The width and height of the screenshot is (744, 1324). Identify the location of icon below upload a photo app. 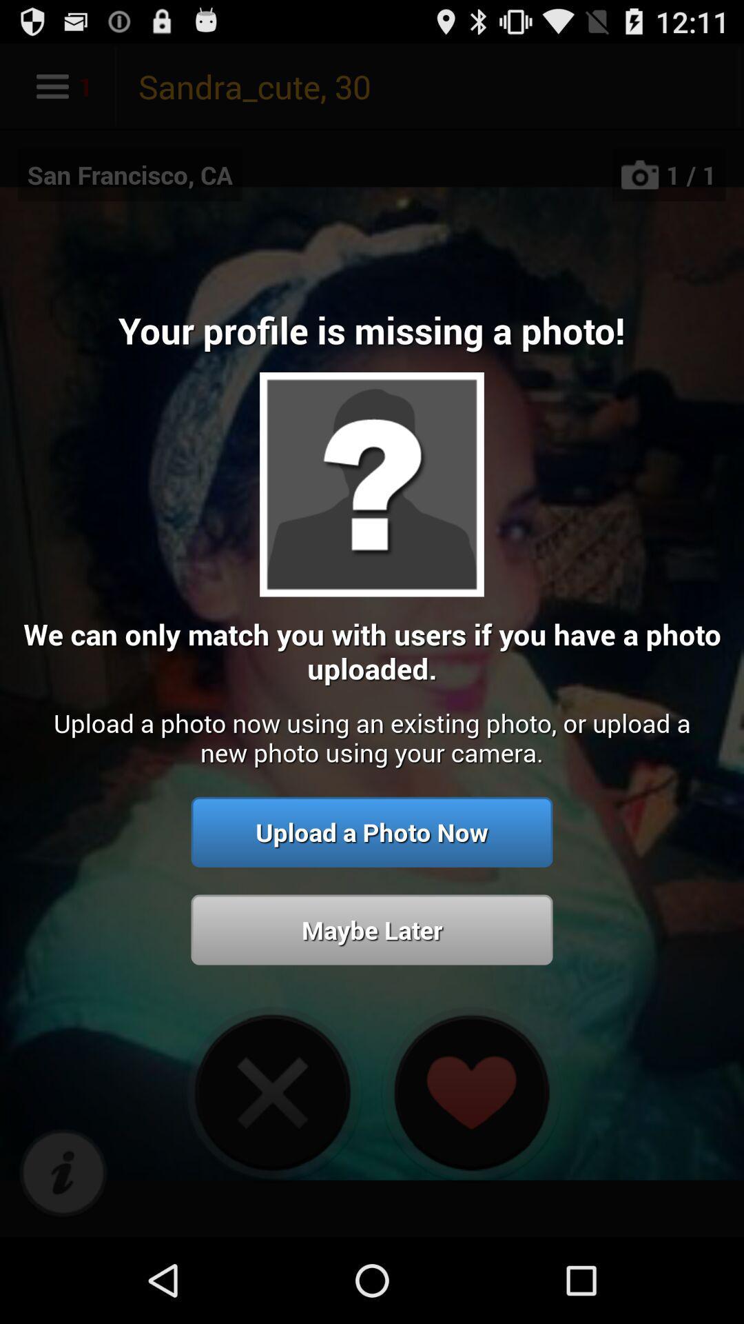
(63, 1173).